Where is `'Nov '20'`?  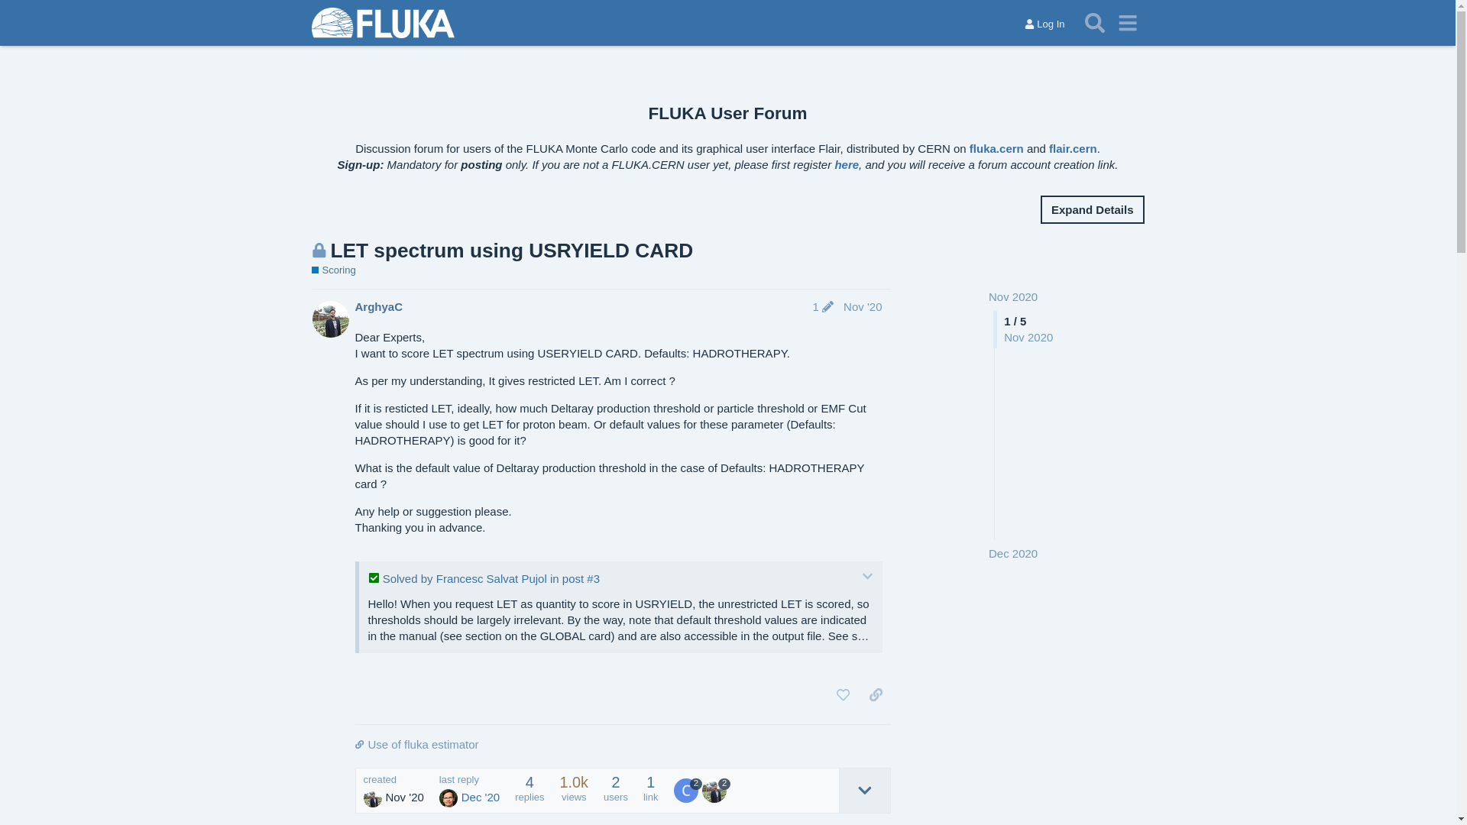
'Nov '20' is located at coordinates (862, 306).